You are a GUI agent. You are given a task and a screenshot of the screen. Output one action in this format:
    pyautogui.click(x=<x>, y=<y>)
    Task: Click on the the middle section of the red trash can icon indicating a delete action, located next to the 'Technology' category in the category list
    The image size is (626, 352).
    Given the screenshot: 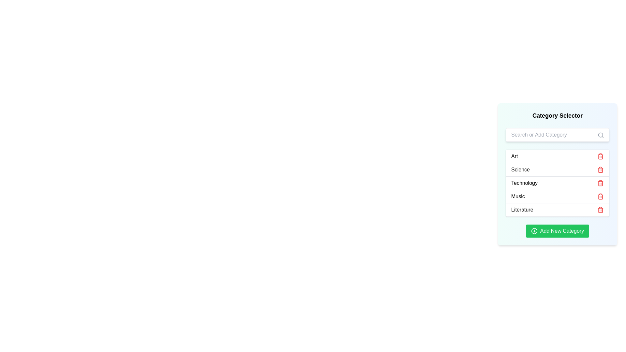 What is the action you would take?
    pyautogui.click(x=600, y=183)
    